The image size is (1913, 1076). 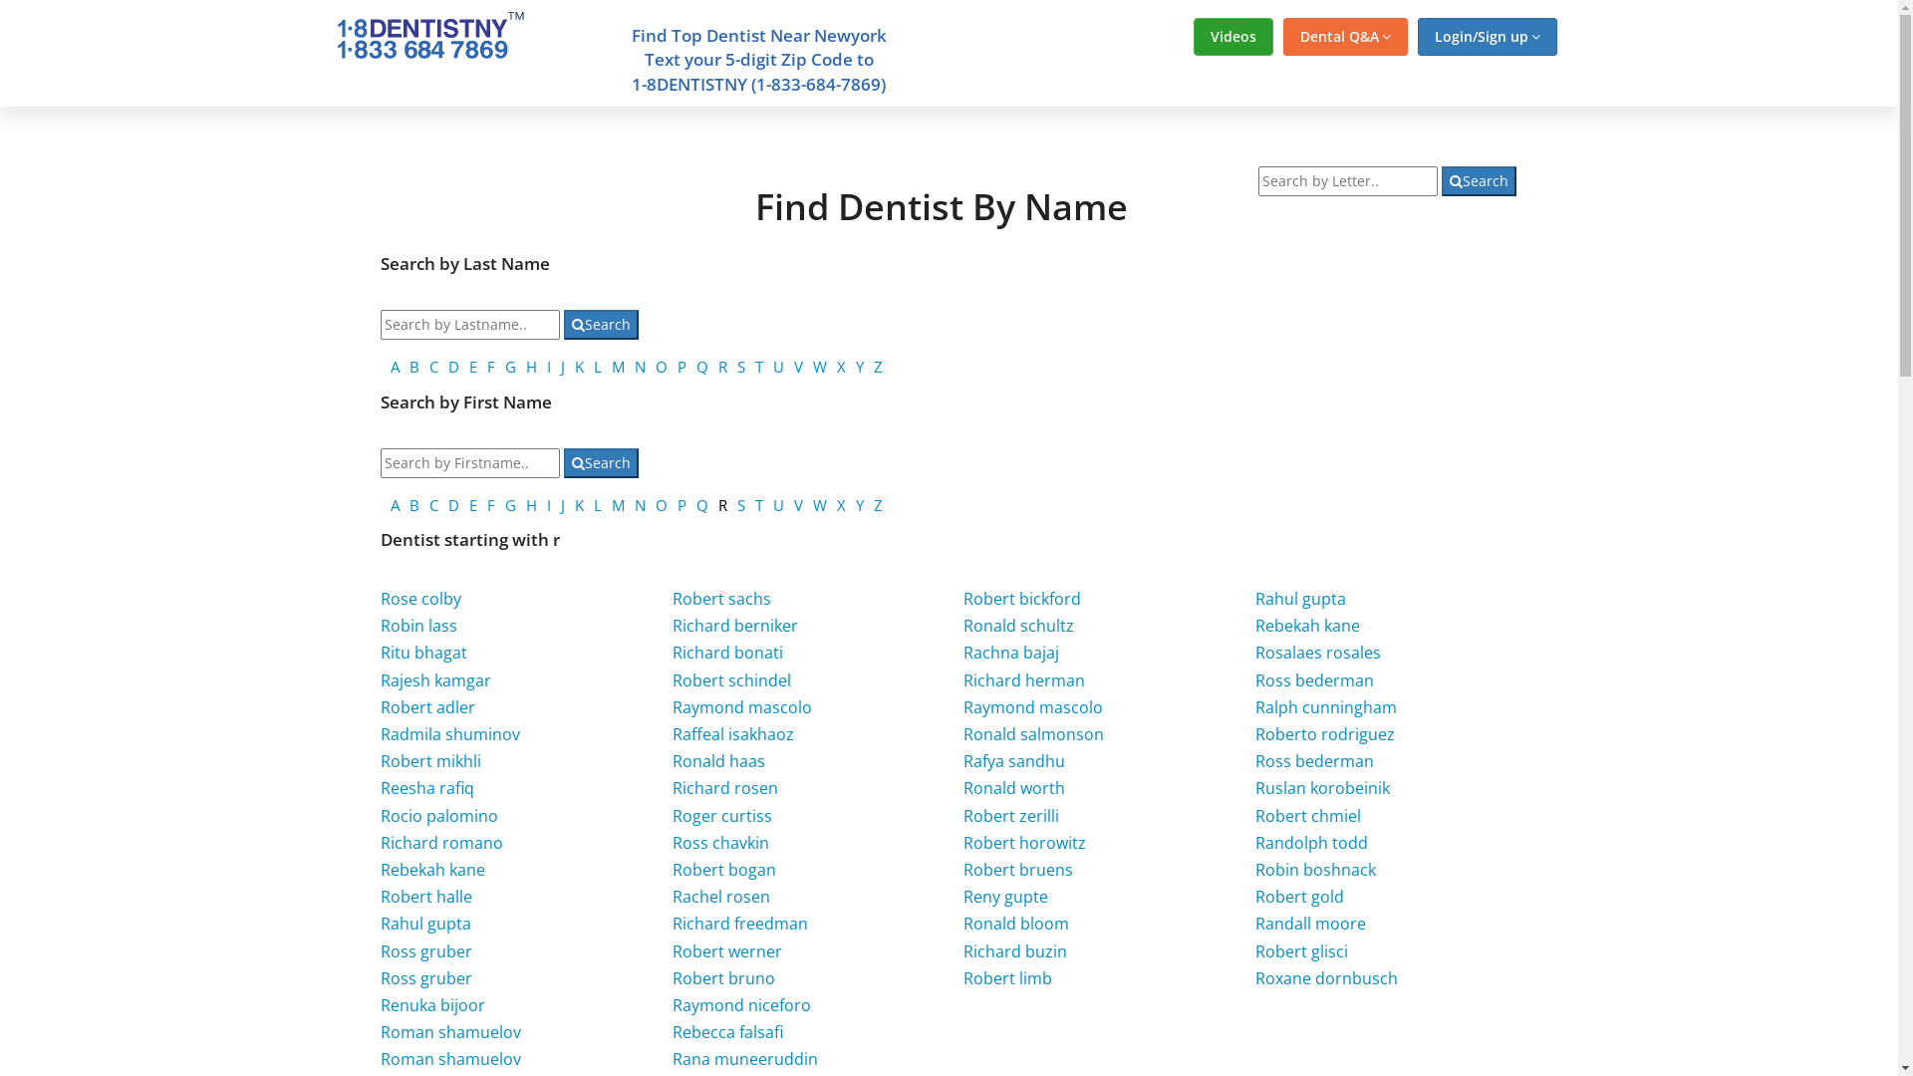 I want to click on 'Roman shamuelov', so click(x=449, y=1031).